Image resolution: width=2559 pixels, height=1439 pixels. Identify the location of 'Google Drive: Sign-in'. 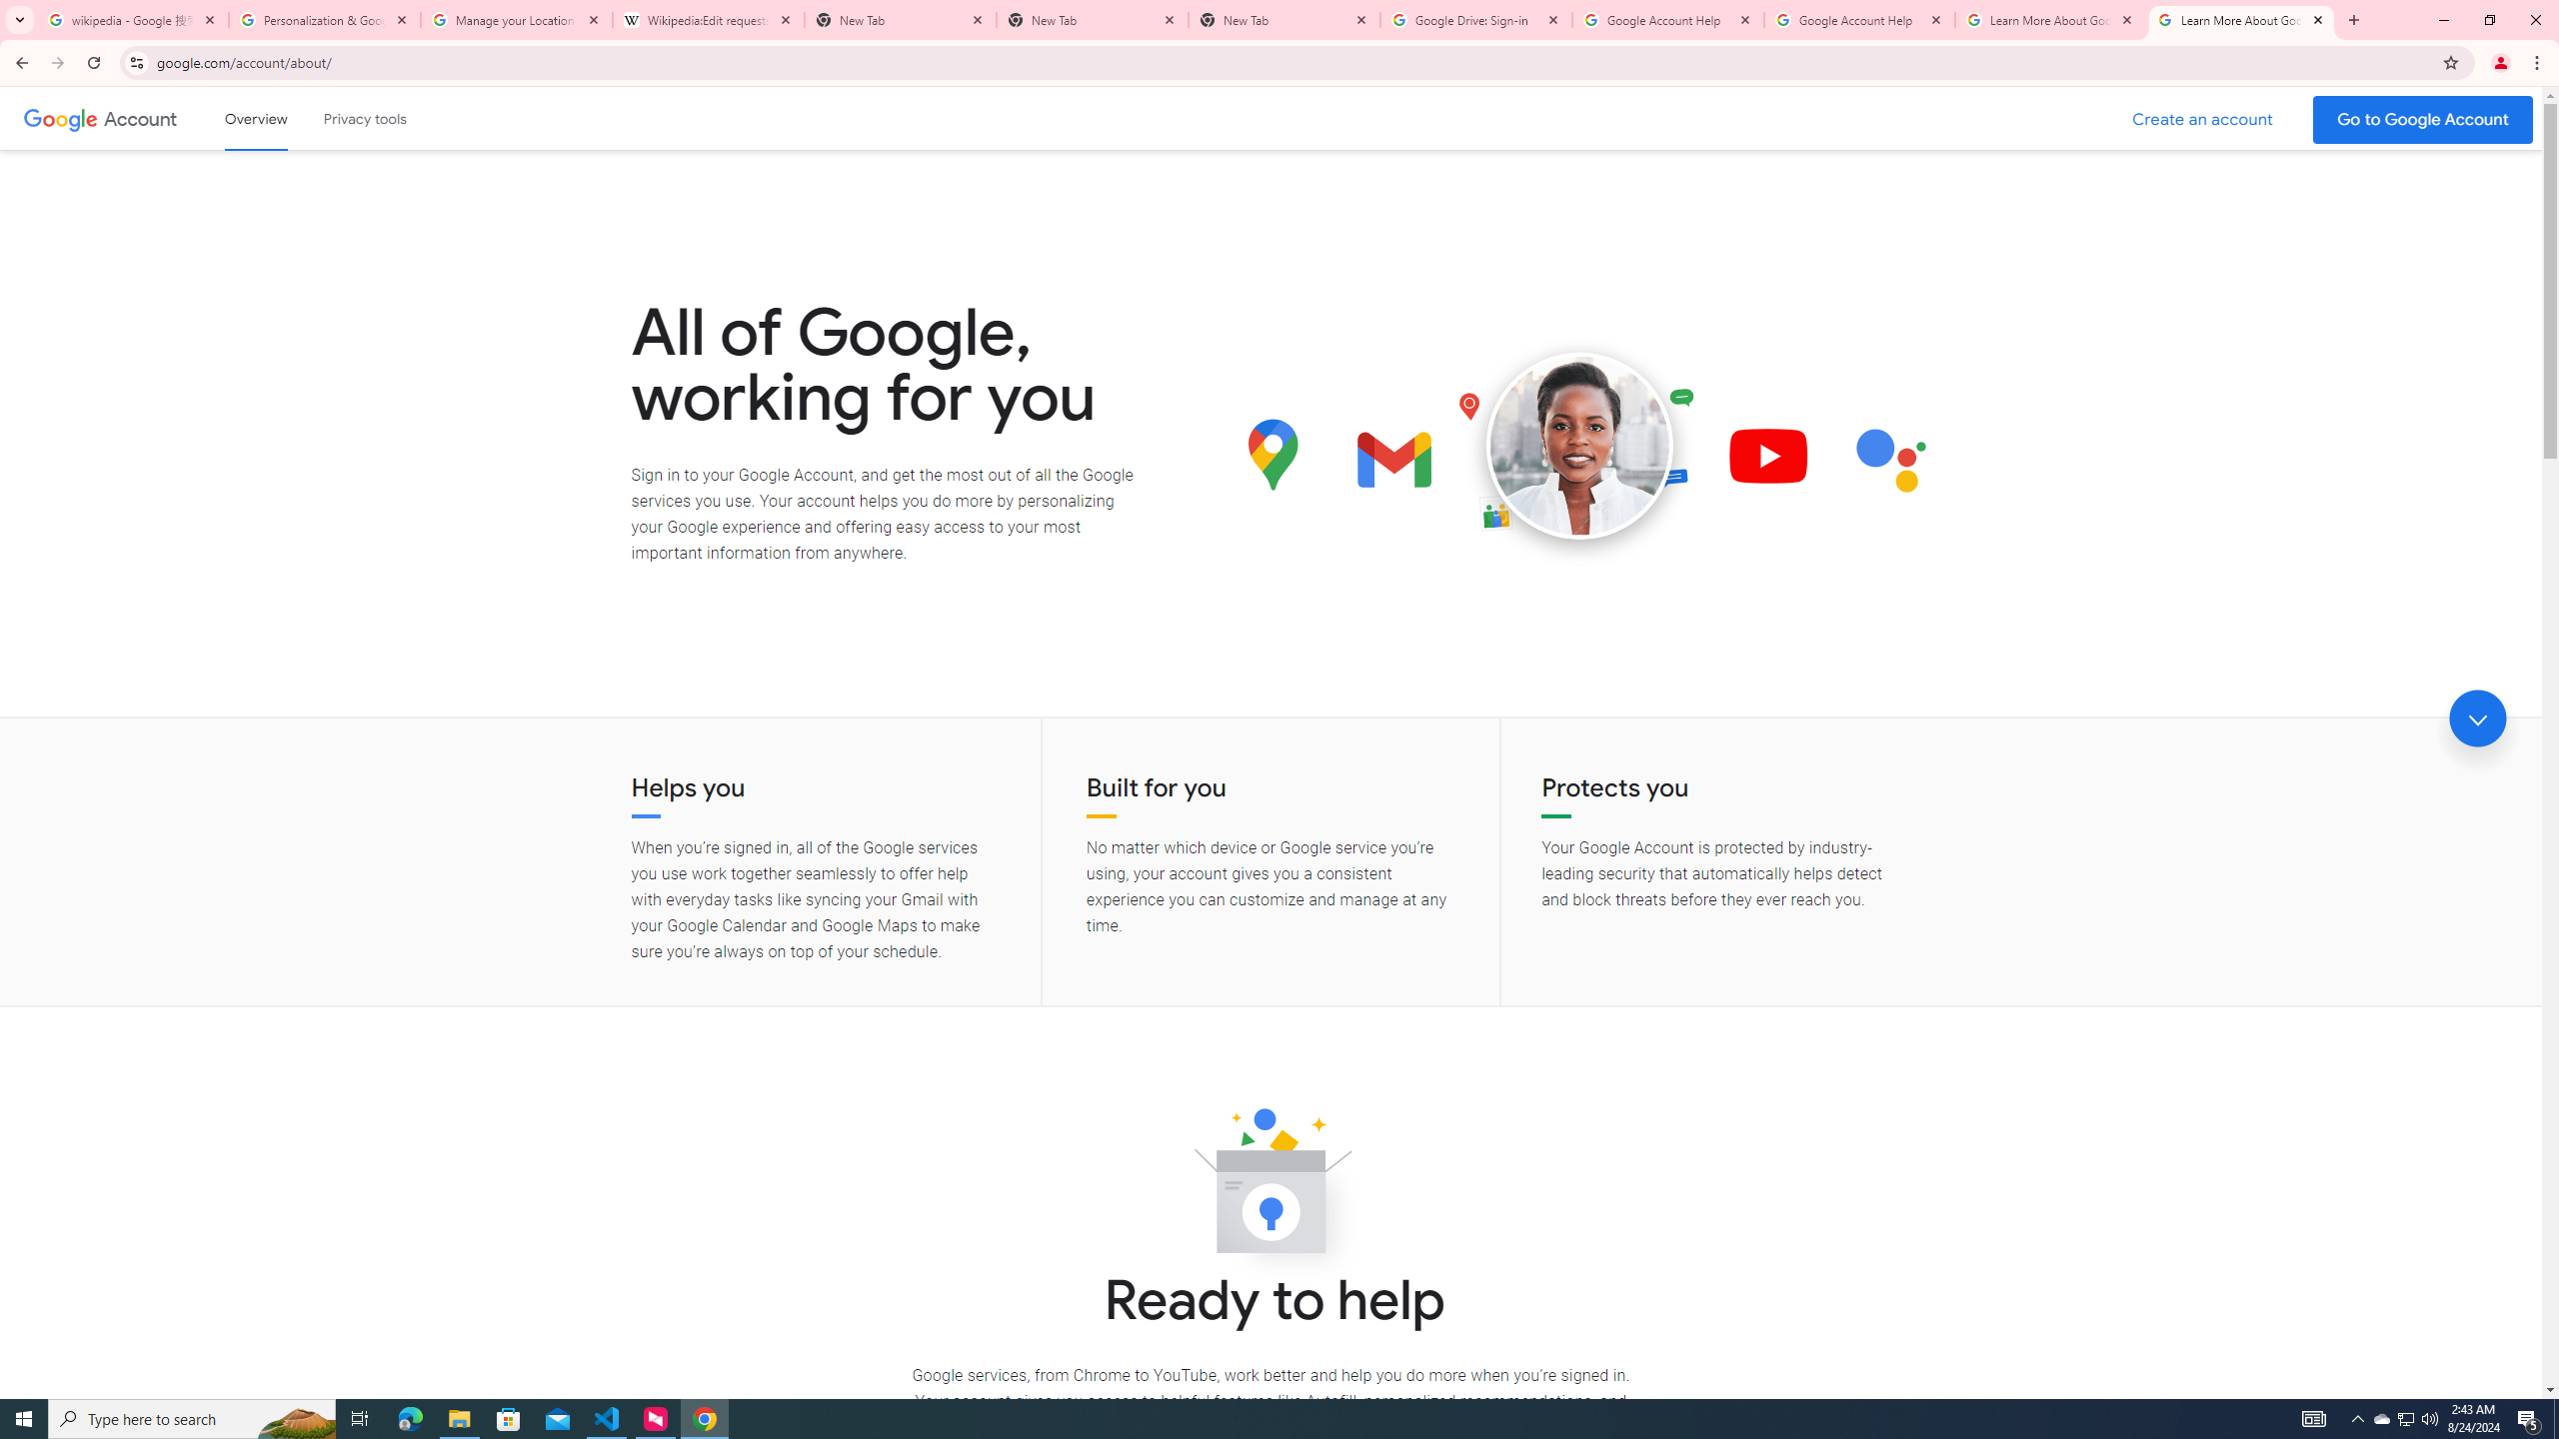
(1475, 19).